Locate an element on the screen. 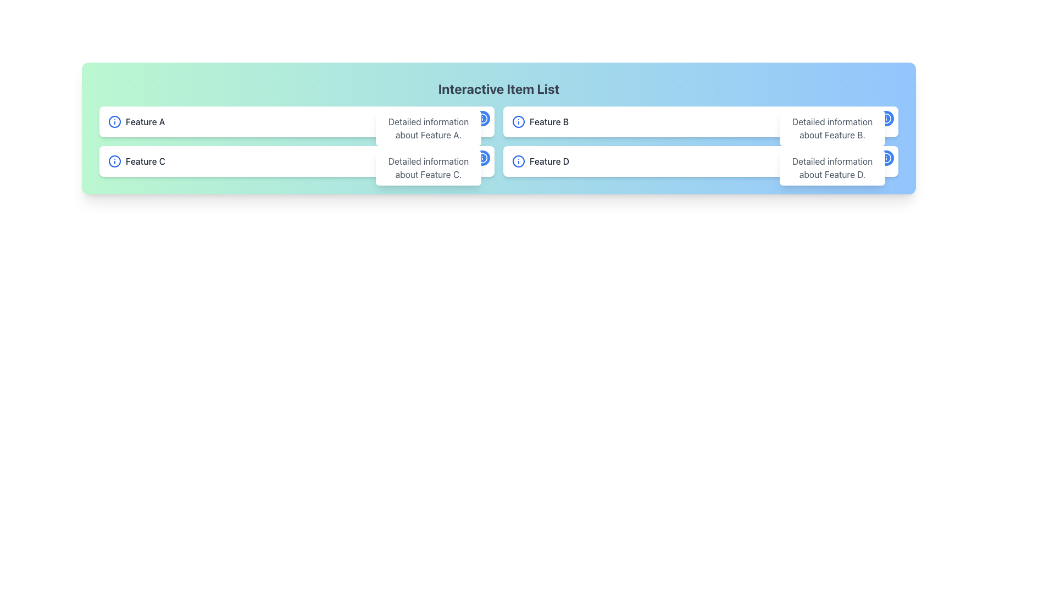  the Static text field labeled 'Feature D', which is positioned as the third item in a horizontal list, immediately to the right of an informational icon is located at coordinates (549, 161).